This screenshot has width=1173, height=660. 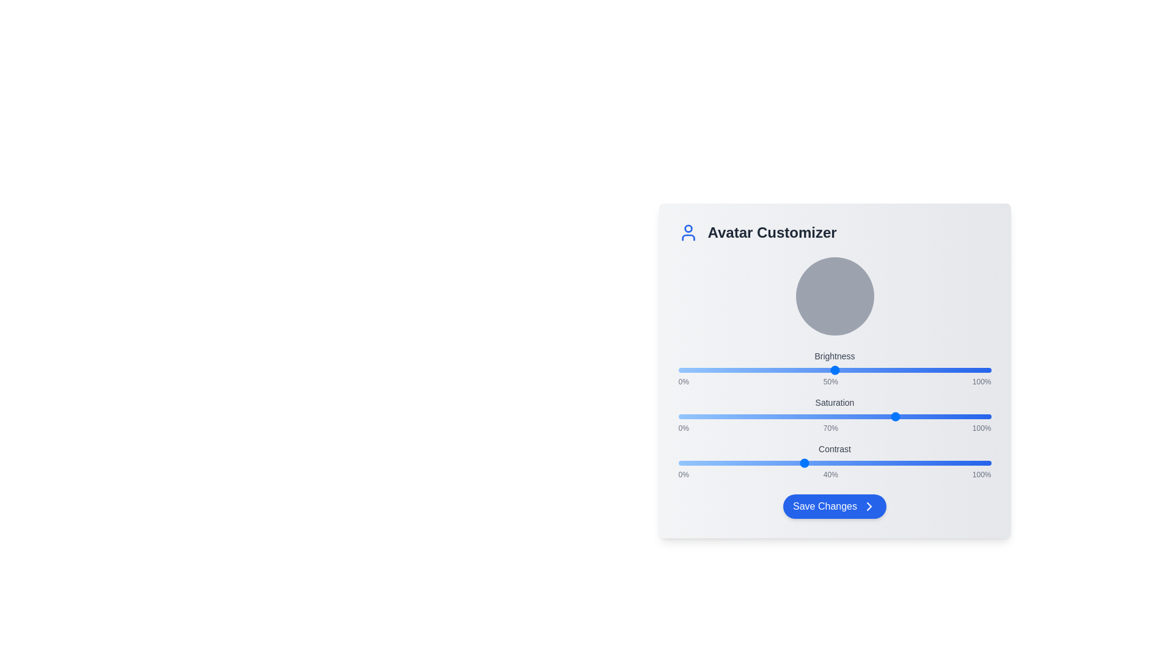 I want to click on 'Save Changes' button, so click(x=834, y=507).